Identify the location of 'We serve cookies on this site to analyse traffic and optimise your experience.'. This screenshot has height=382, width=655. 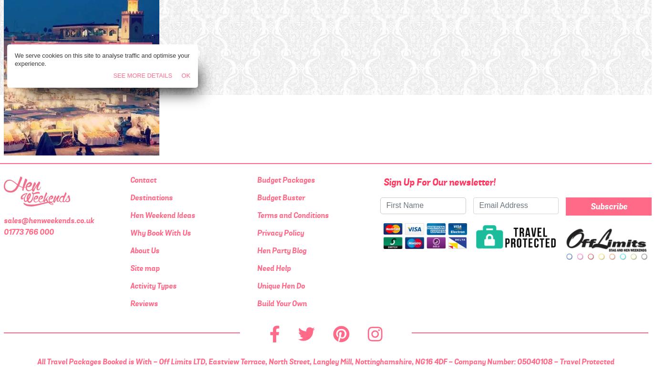
(102, 59).